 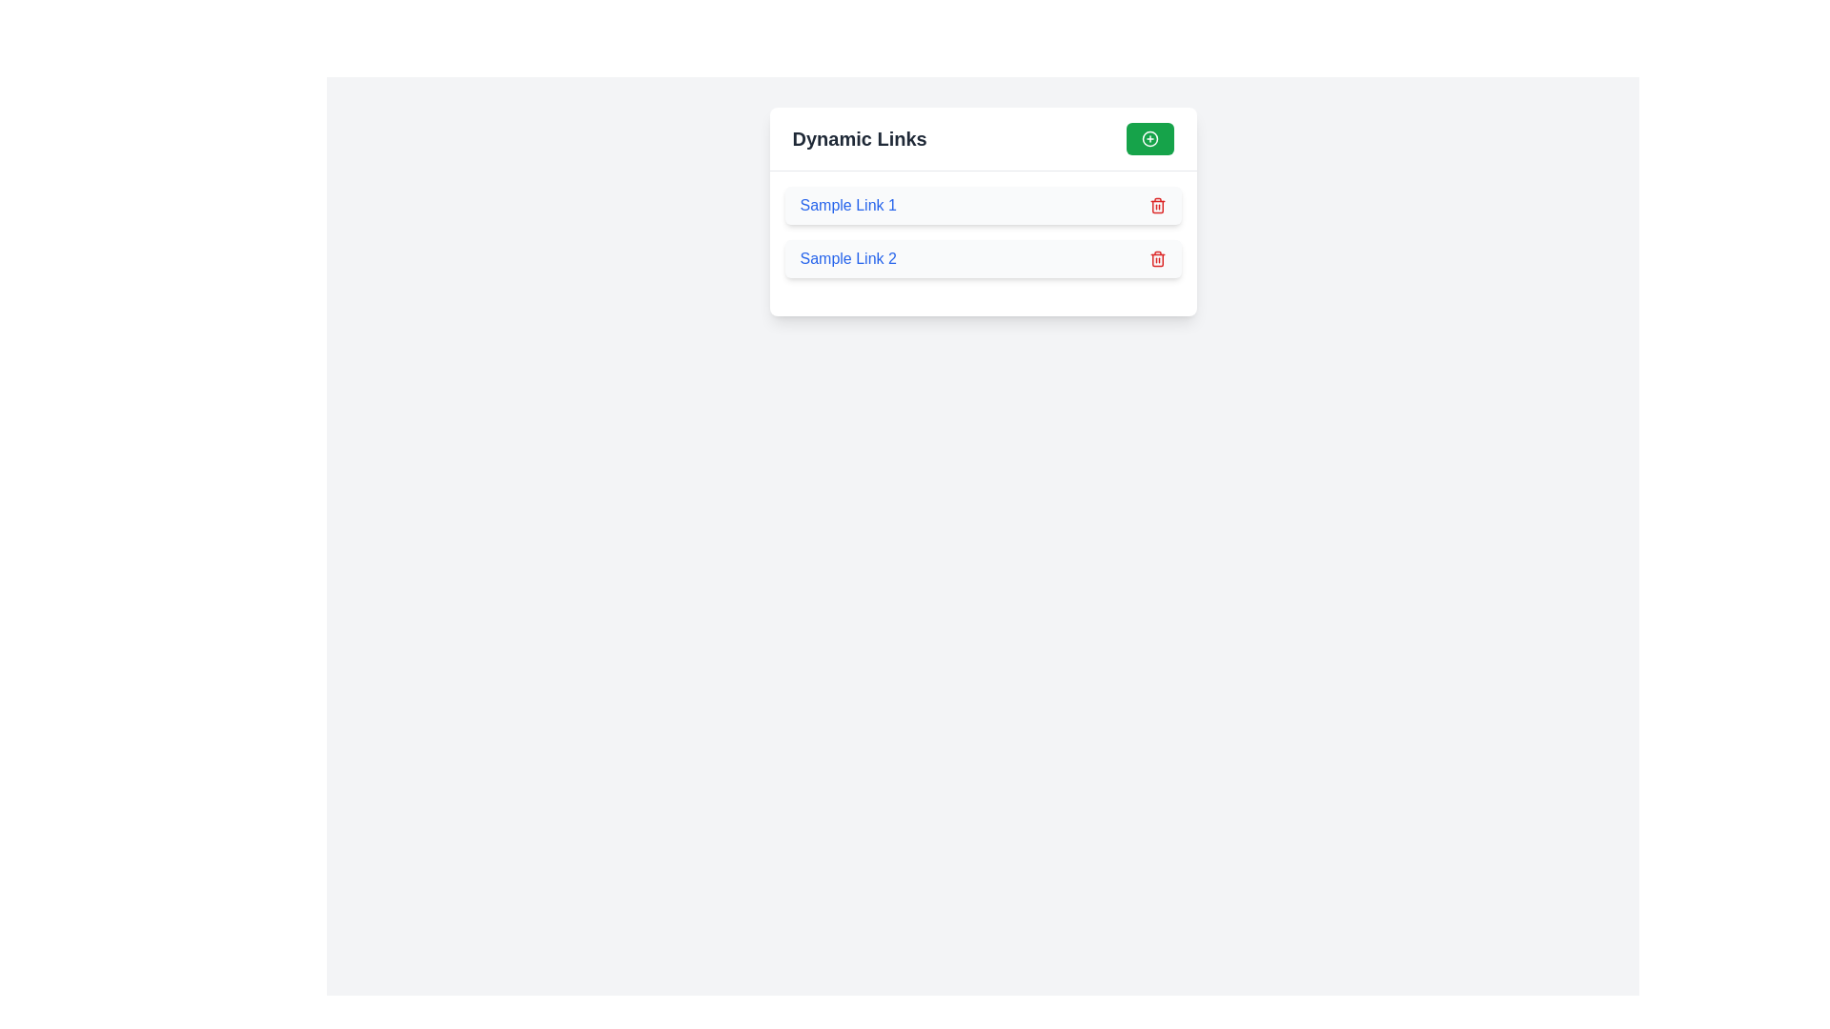 I want to click on the hyperlink labeled 'Sample Link 1' within the composite UI component to underline it, so click(x=983, y=206).